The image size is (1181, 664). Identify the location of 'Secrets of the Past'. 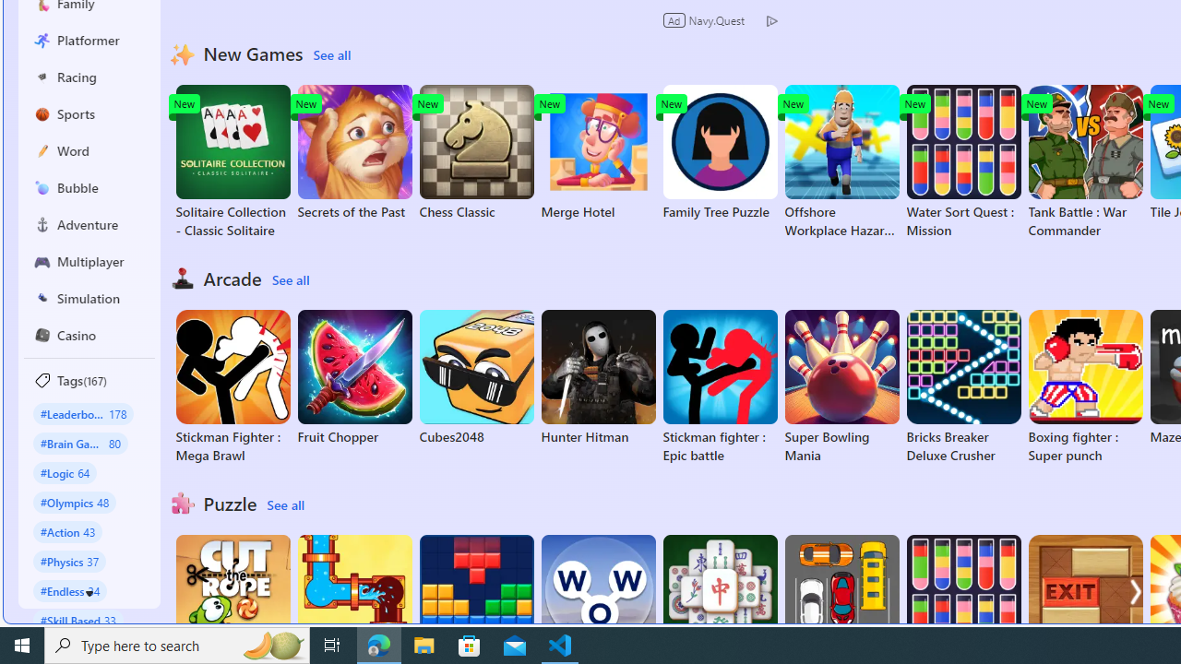
(354, 151).